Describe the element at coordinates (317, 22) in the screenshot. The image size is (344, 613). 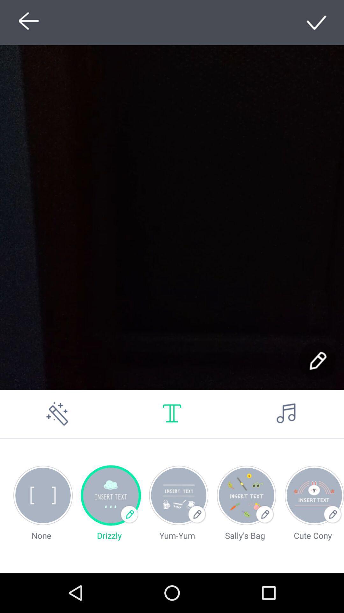
I see `this item` at that location.